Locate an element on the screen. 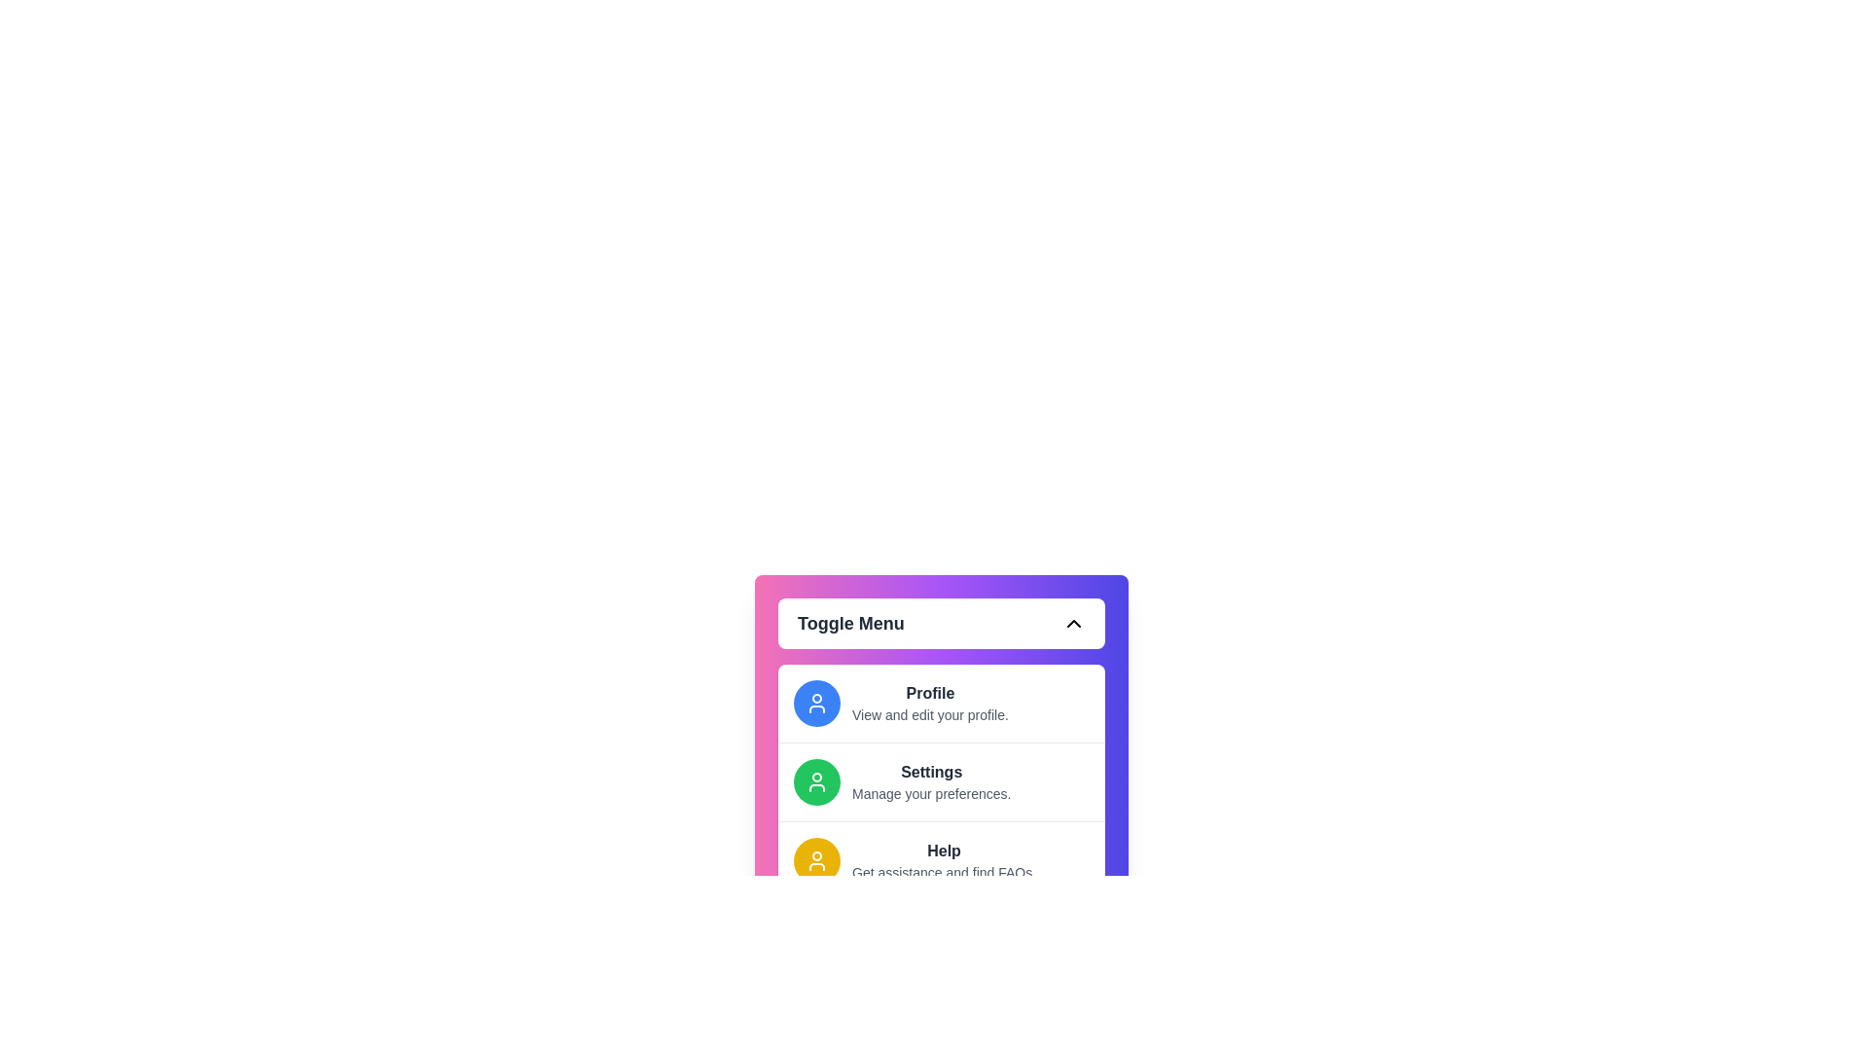 The width and height of the screenshot is (1868, 1051). the 'Settings' item in the menu is located at coordinates (942, 779).